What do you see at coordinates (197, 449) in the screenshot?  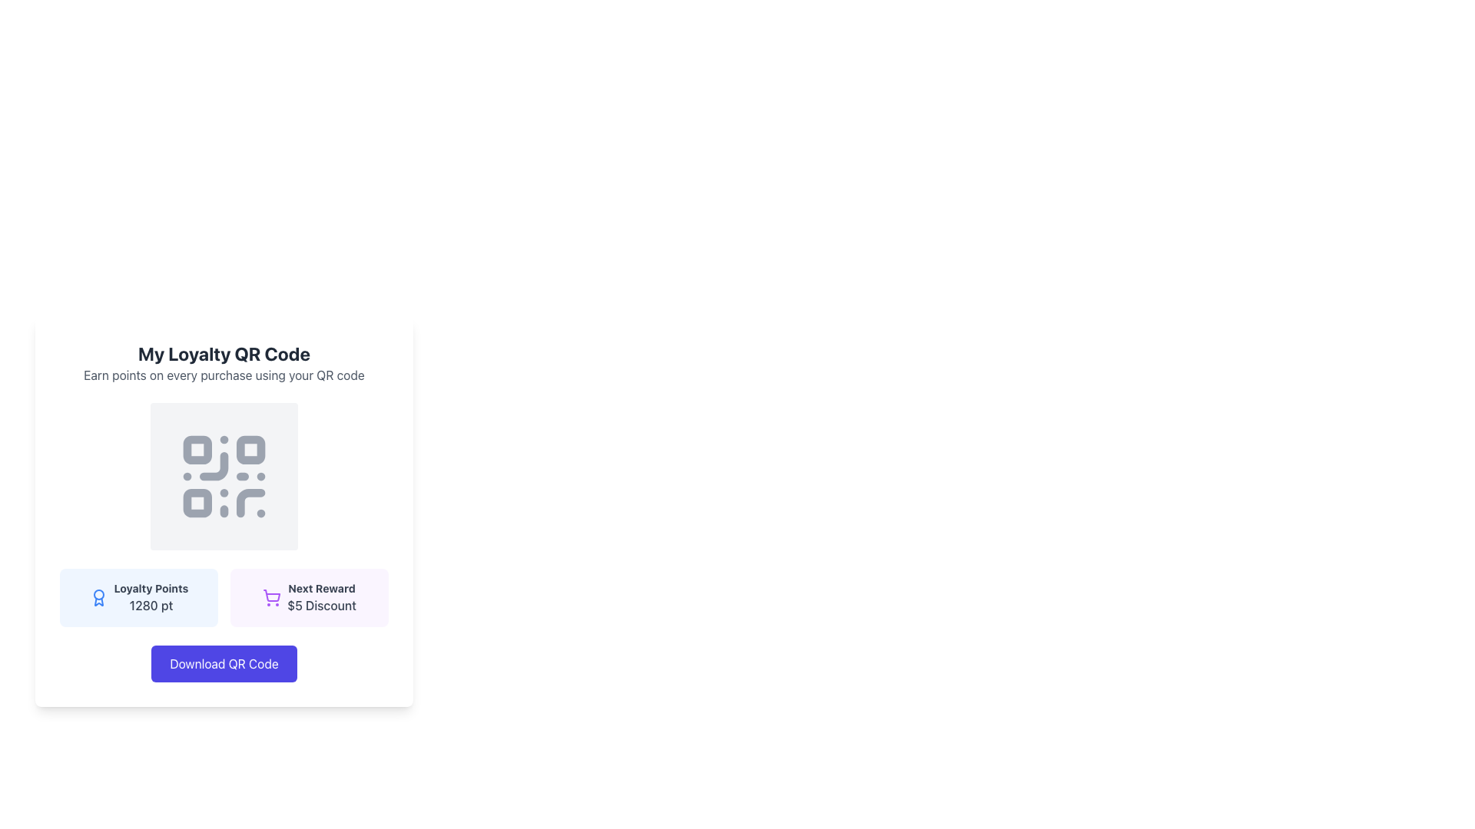 I see `the small gray square with rounded corners located at the top-left corner of the QR code graphic in the 'My Loyalty QR Code' interface` at bounding box center [197, 449].